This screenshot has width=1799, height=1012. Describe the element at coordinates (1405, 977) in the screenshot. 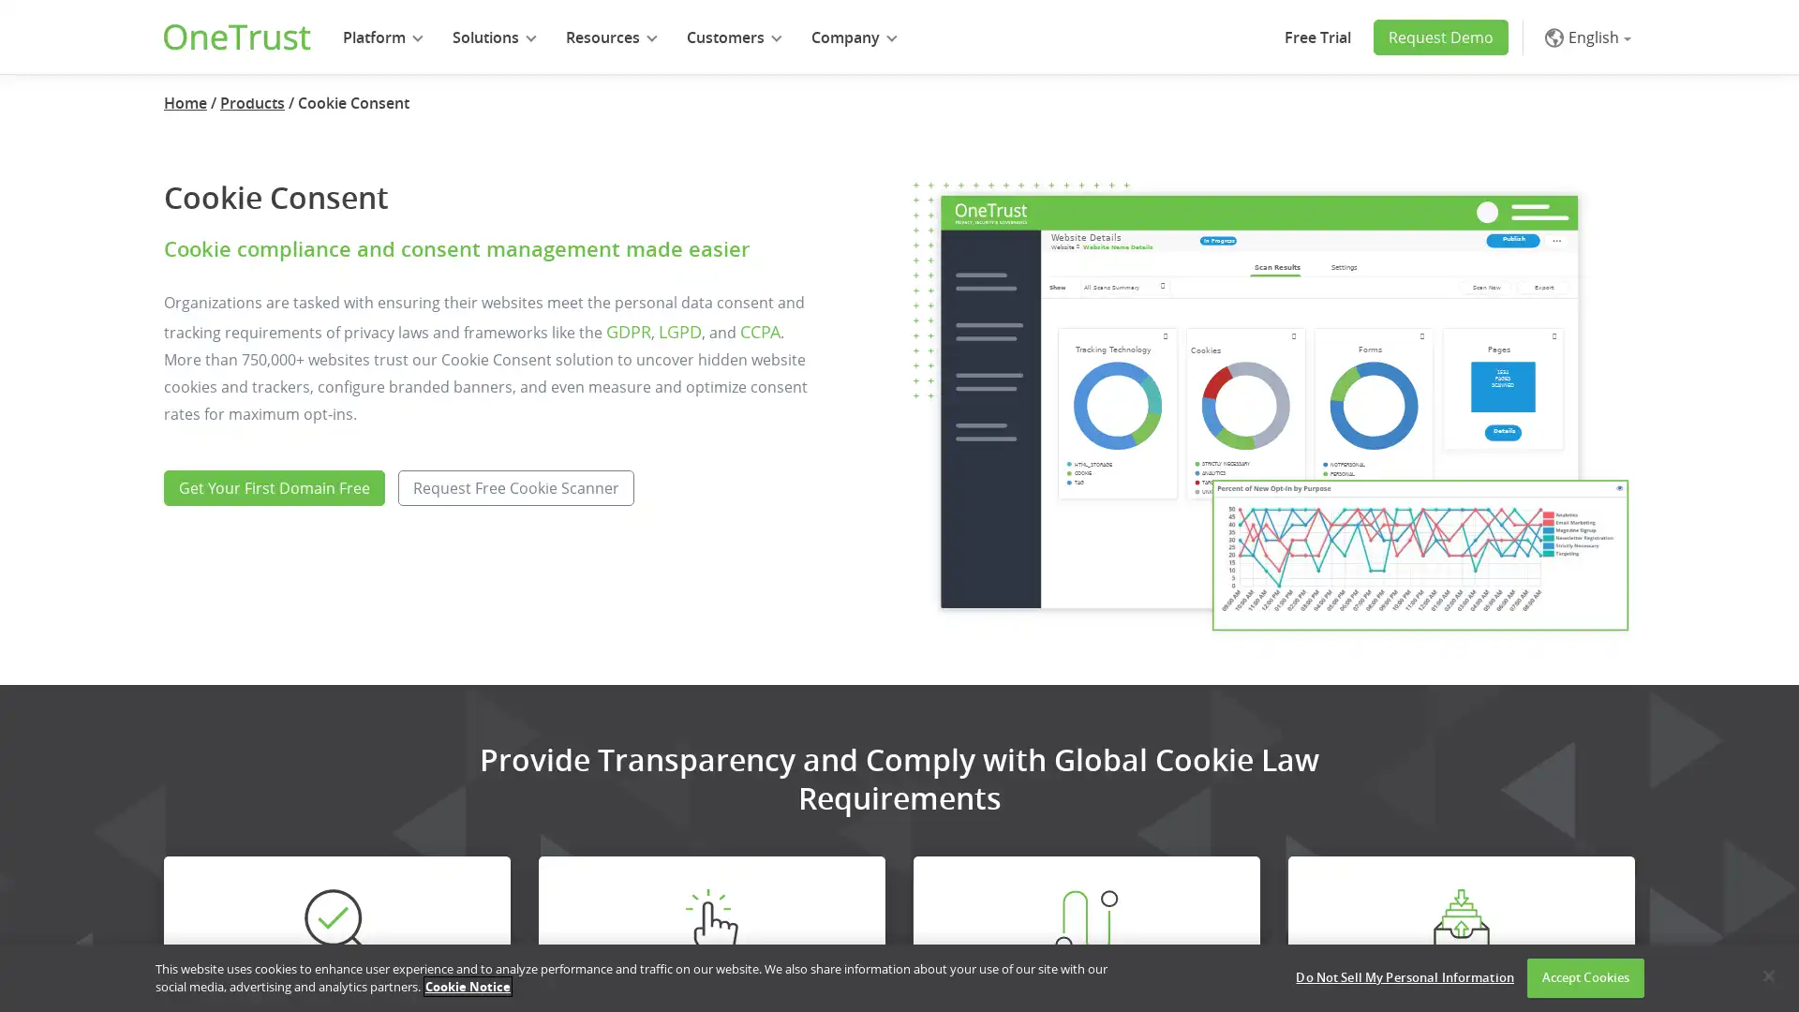

I see `Do Not Sell My Personal Information` at that location.